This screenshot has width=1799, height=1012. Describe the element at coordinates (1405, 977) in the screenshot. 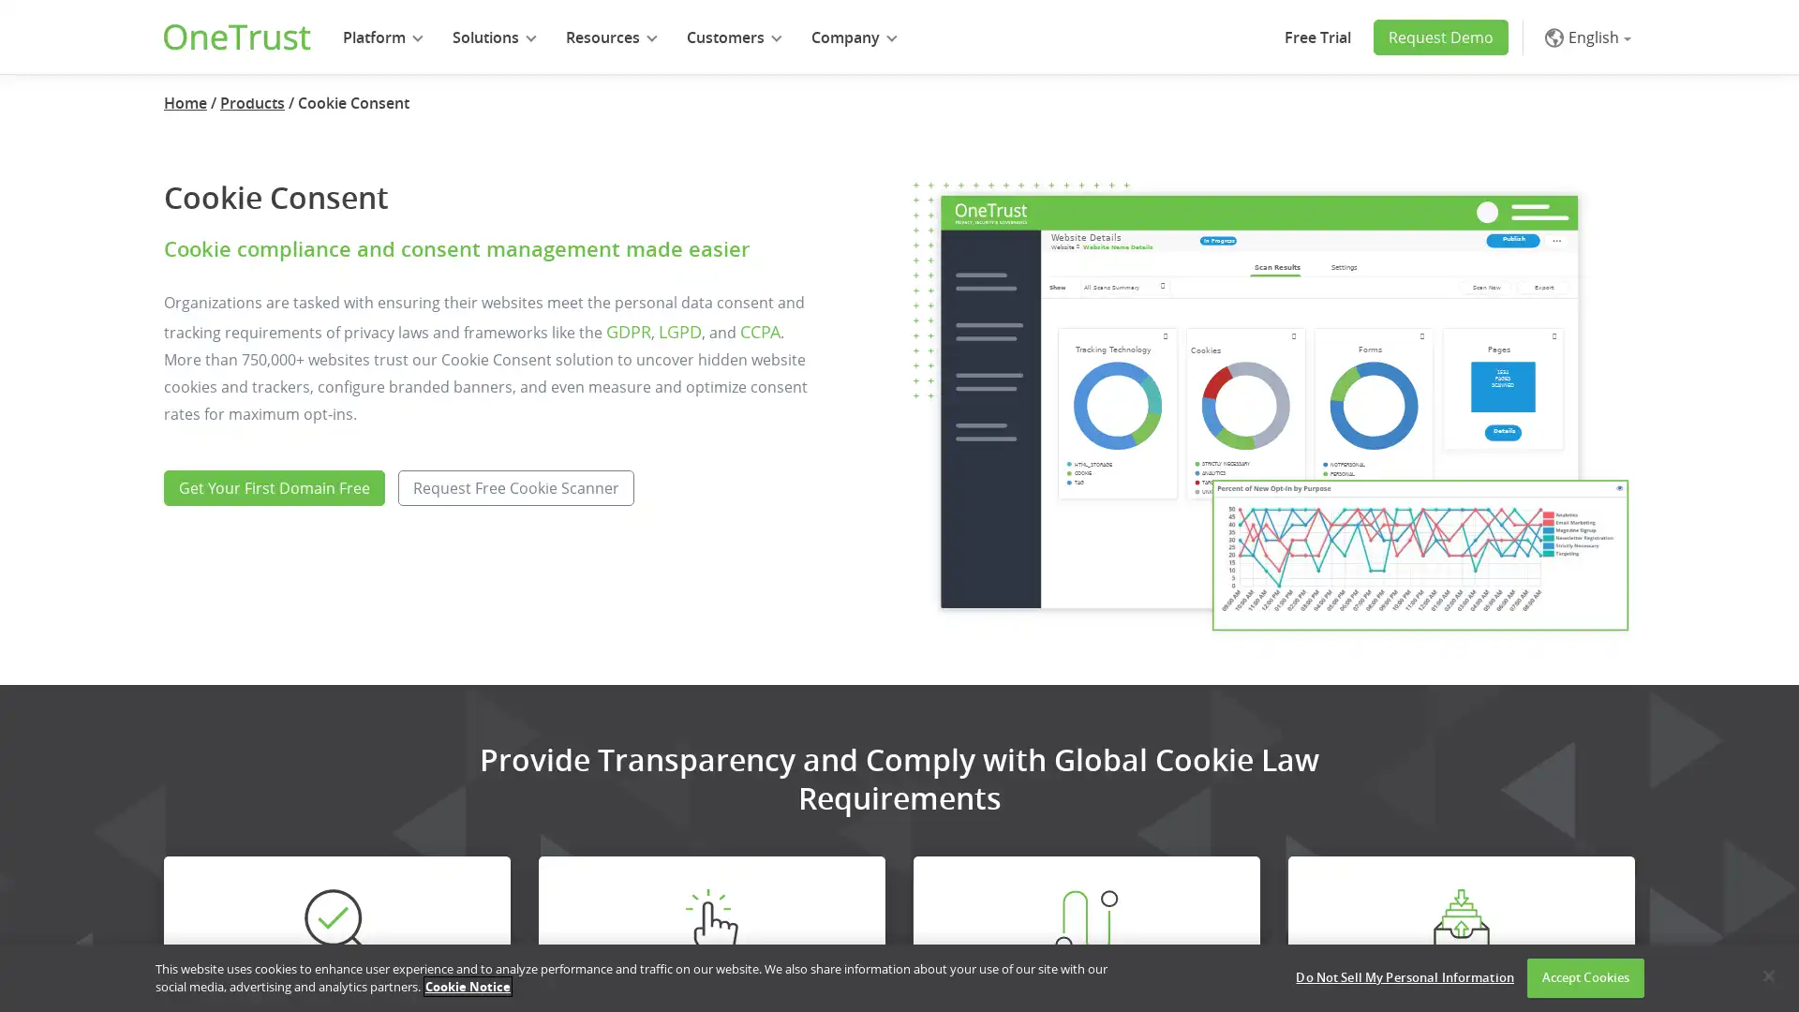

I see `Do Not Sell My Personal Information` at that location.